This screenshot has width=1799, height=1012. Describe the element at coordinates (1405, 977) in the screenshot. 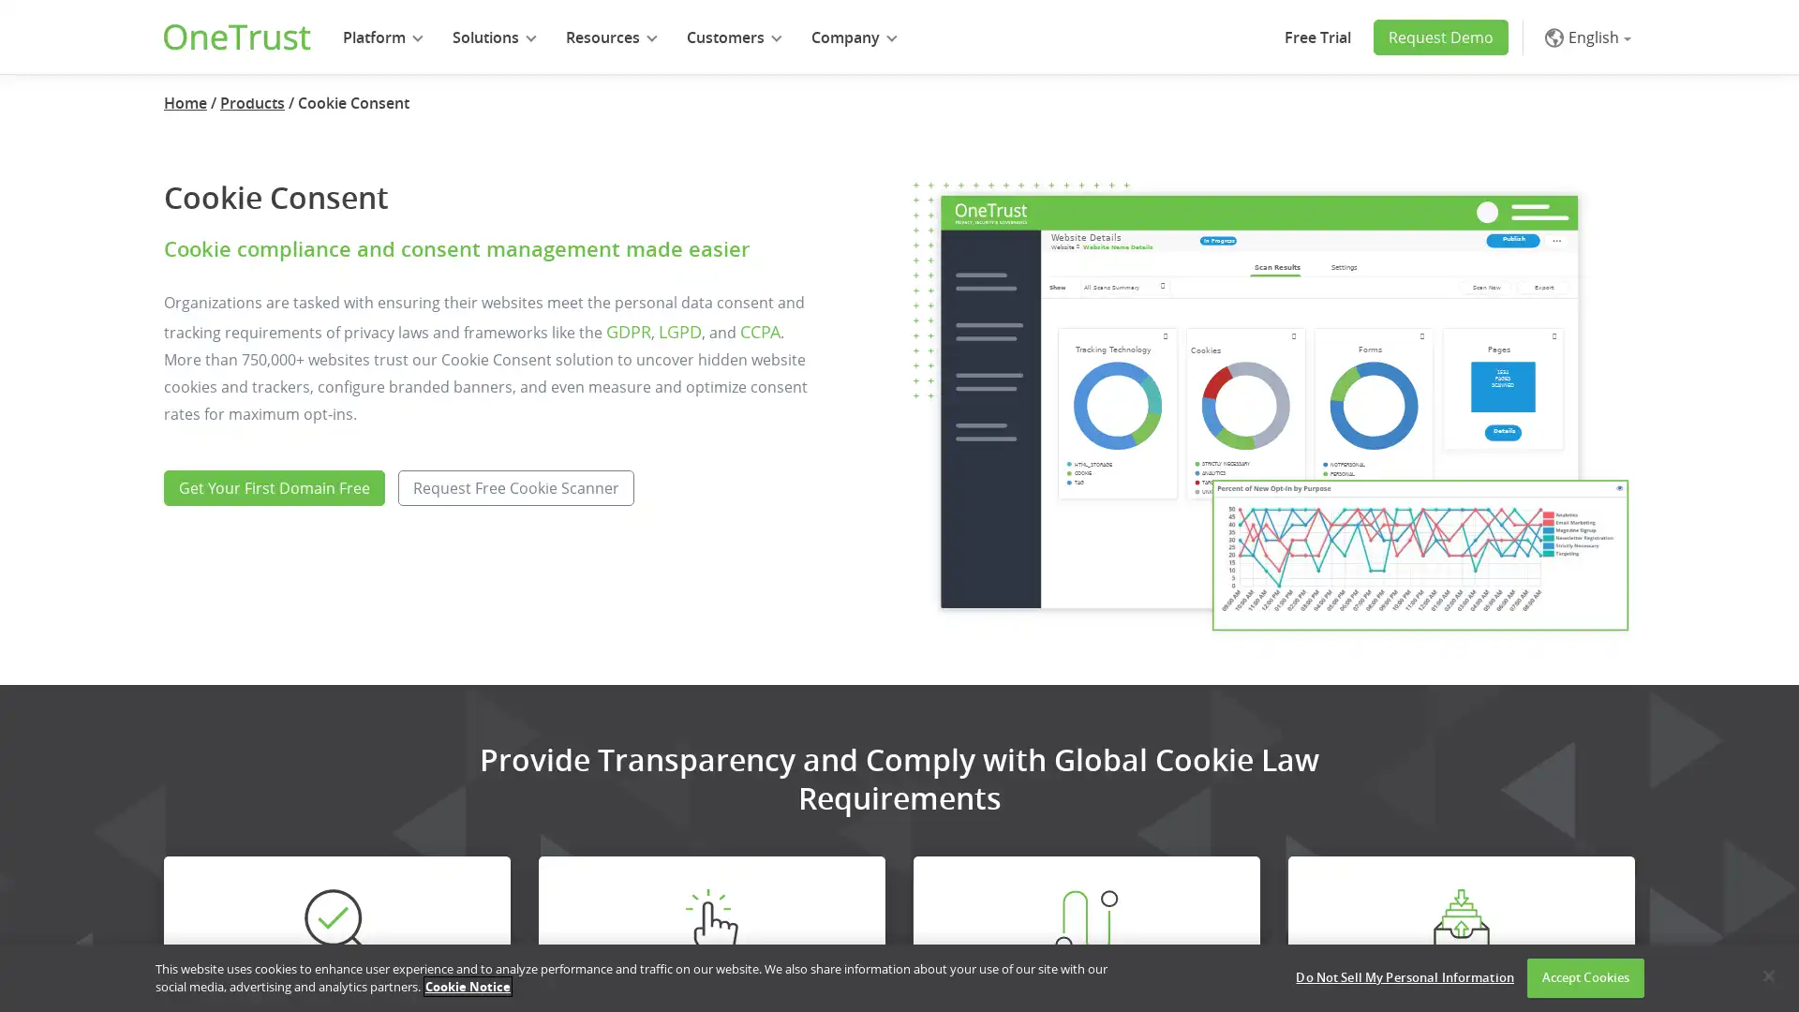

I see `Do Not Sell My Personal Information` at that location.